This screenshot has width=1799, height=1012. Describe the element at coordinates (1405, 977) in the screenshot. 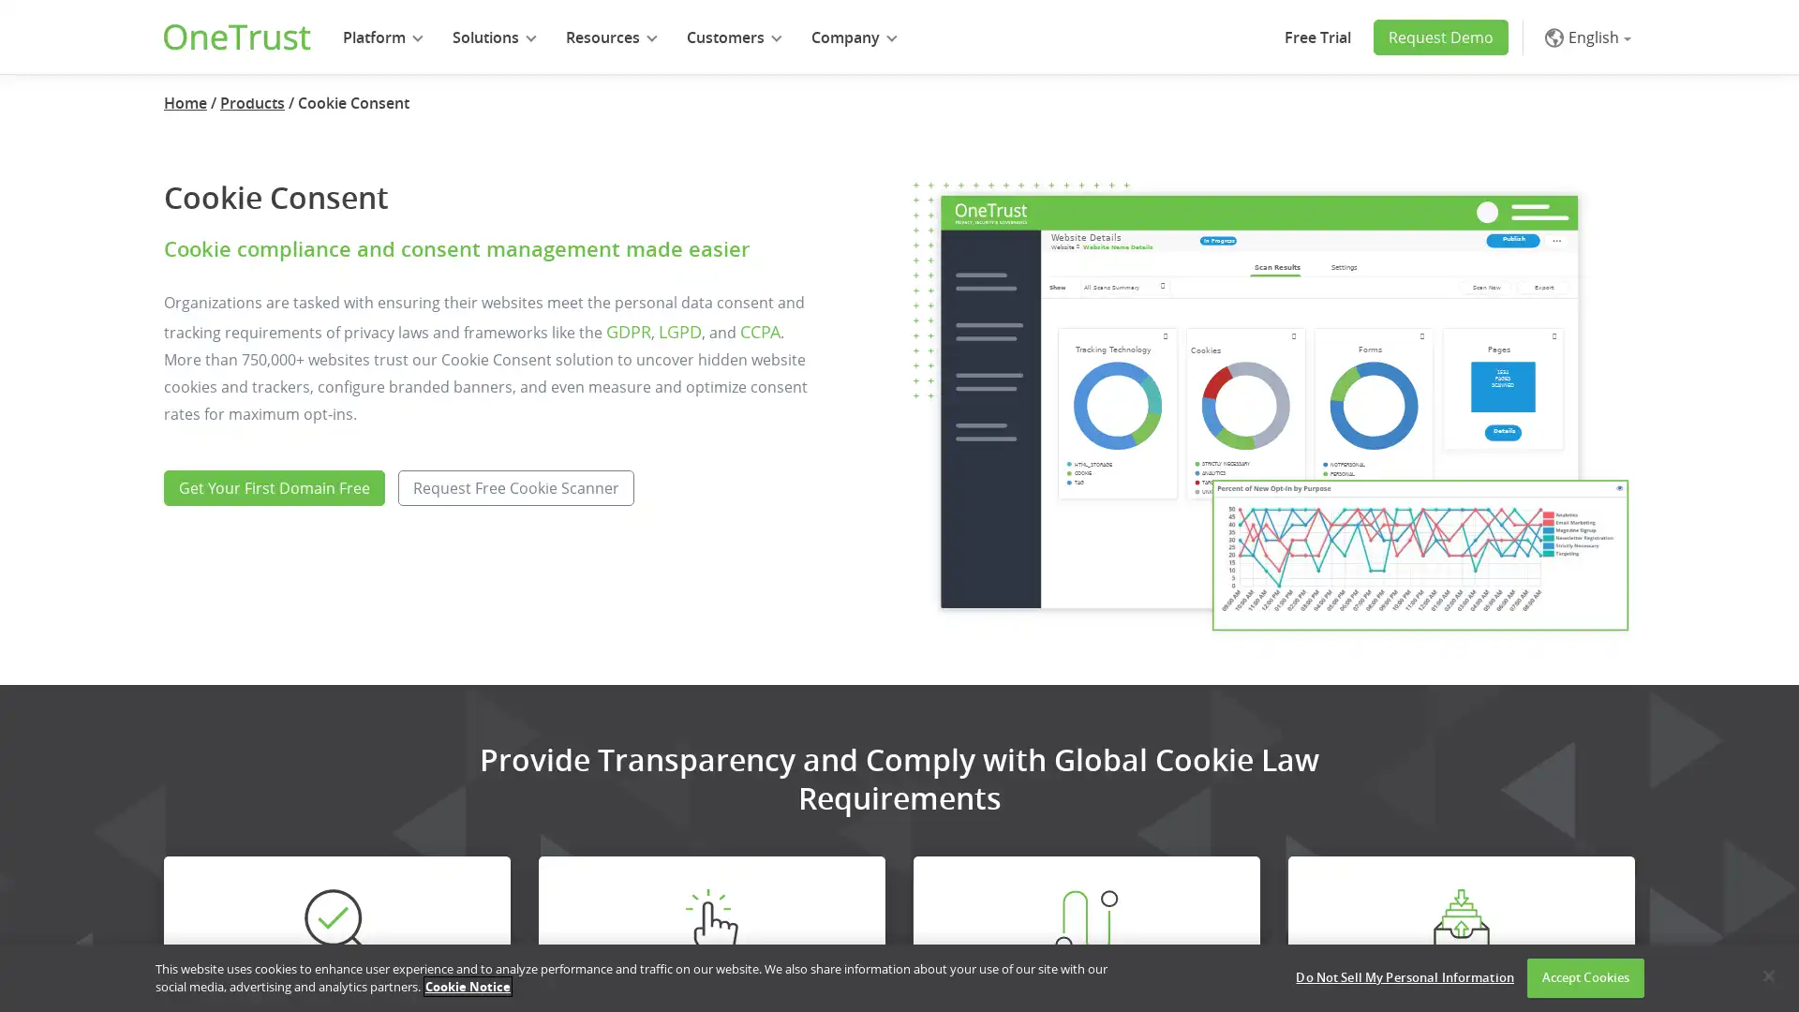

I see `Do Not Sell My Personal Information` at that location.